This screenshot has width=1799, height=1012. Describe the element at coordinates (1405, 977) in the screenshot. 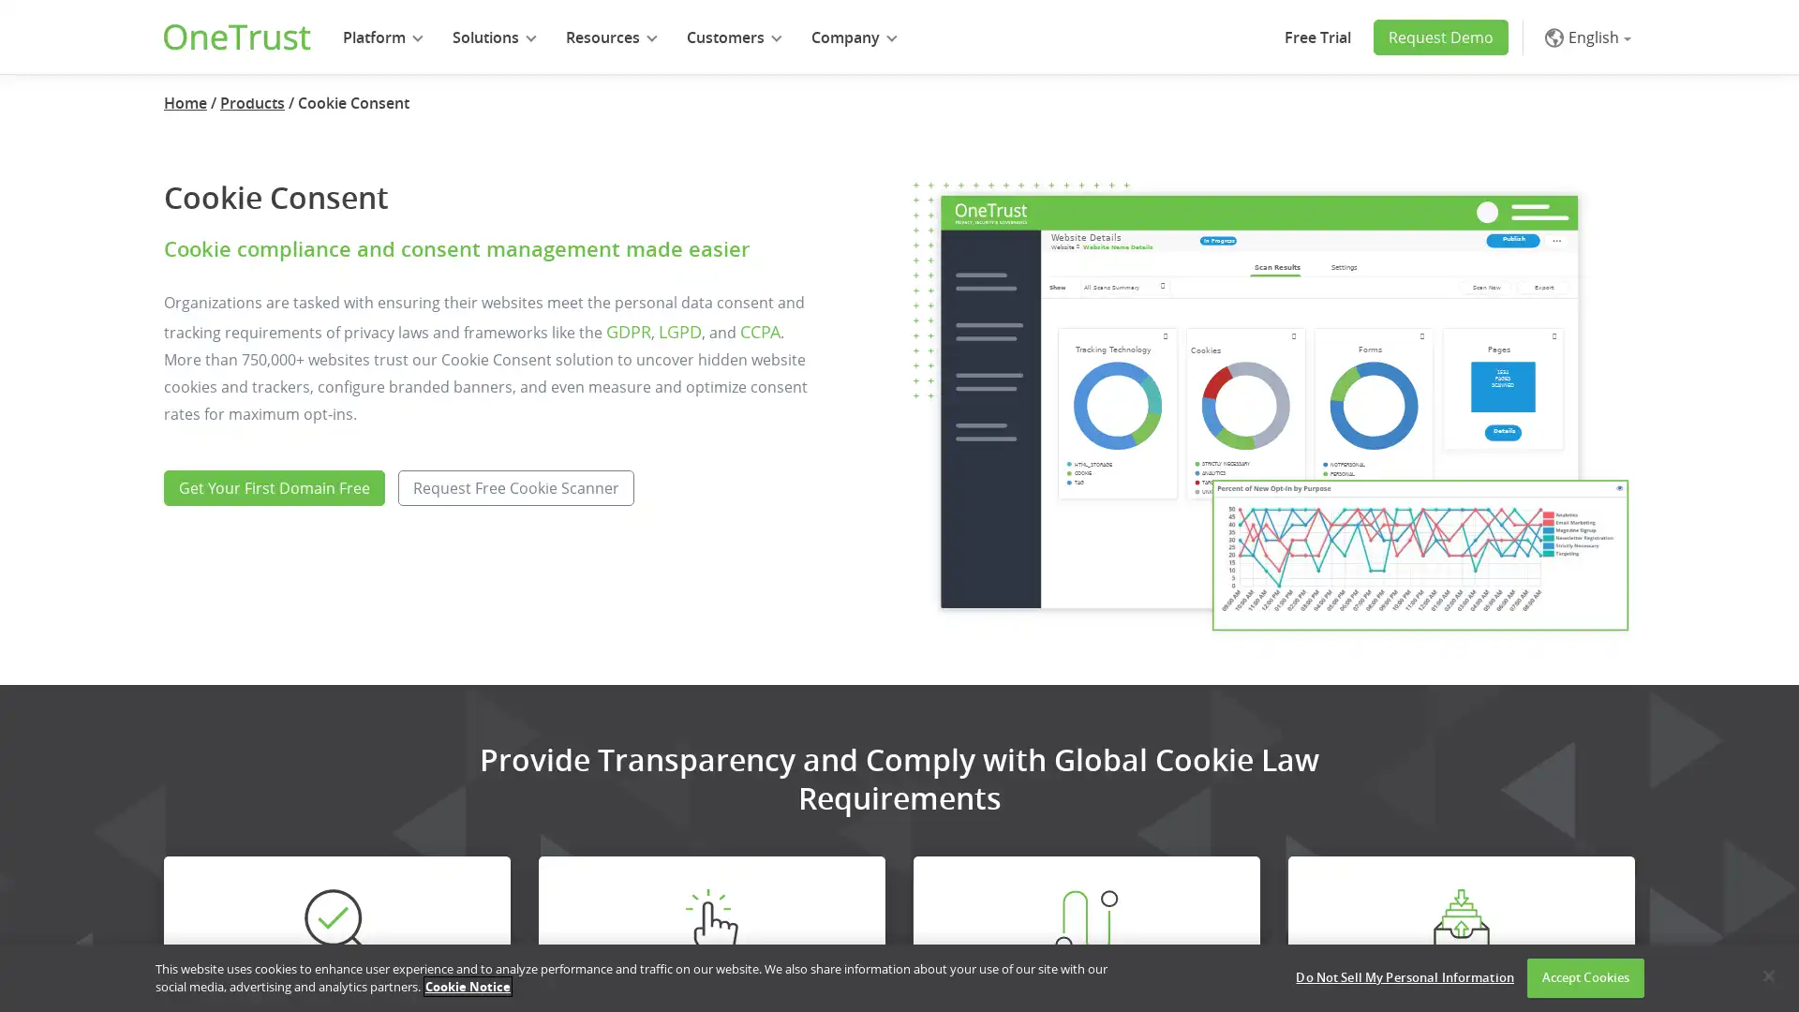

I see `Do Not Sell My Personal Information` at that location.